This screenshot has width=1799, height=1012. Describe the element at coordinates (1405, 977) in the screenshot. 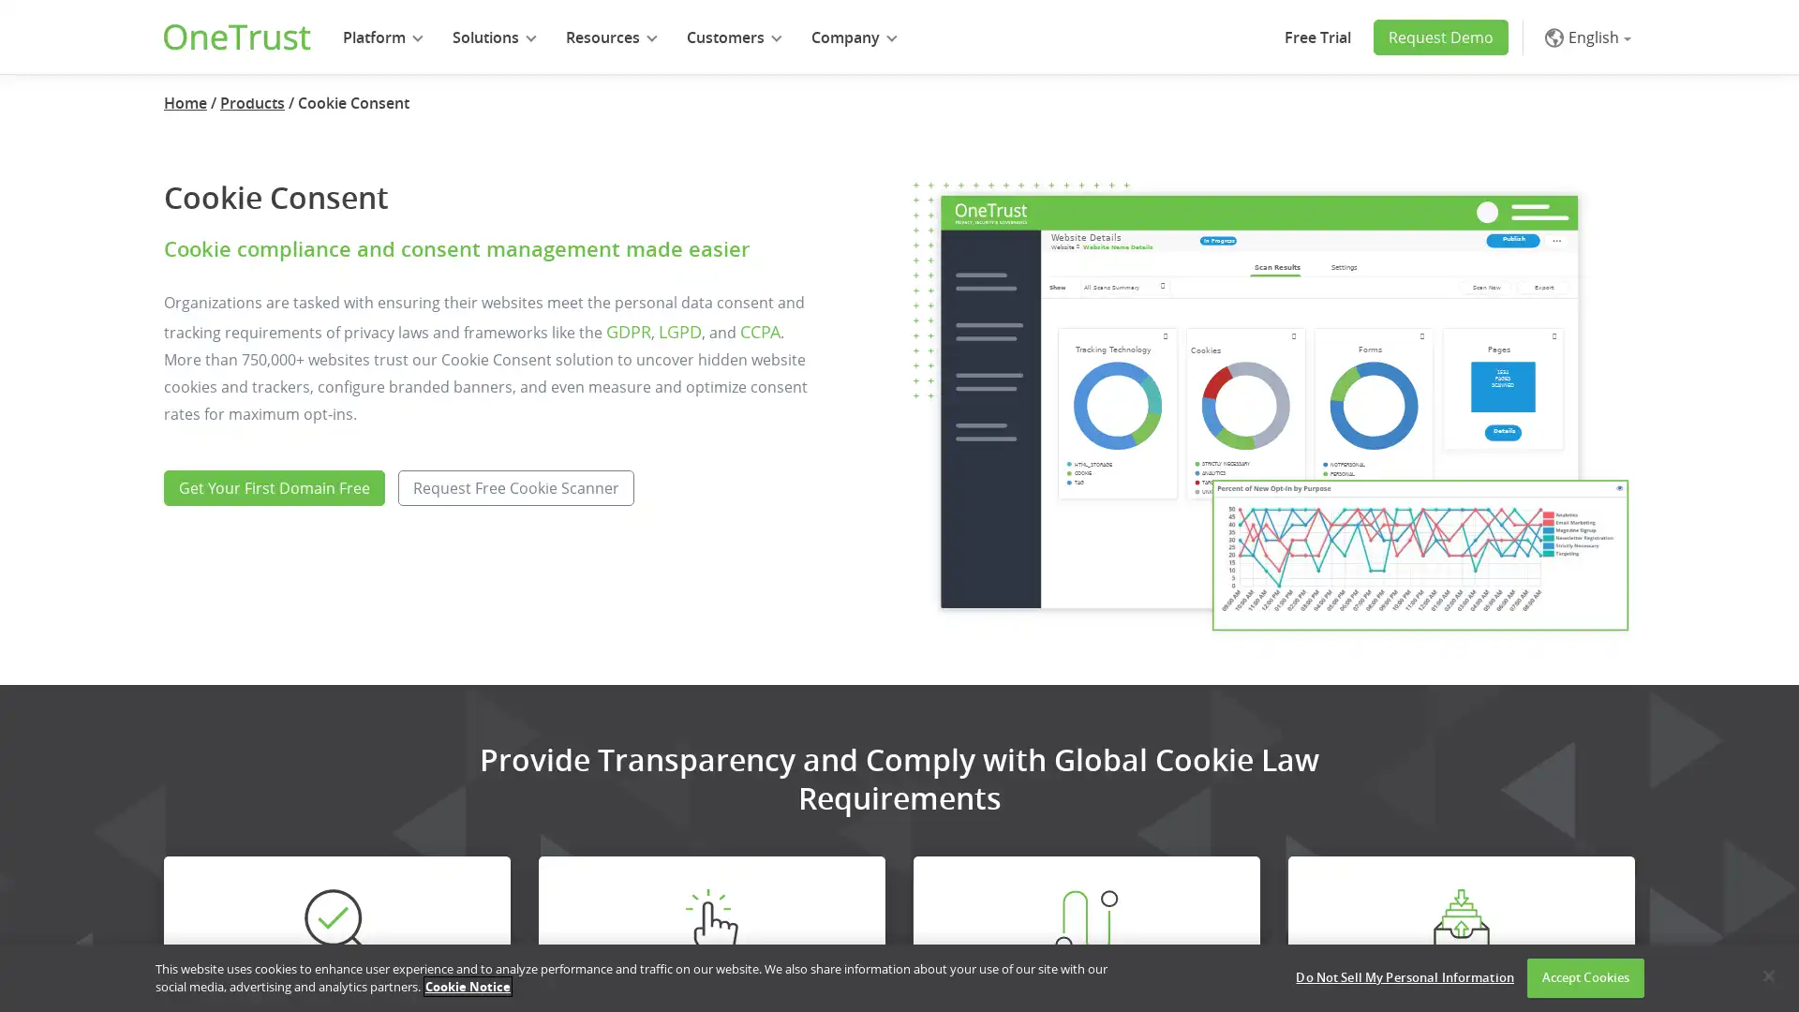

I see `Do Not Sell My Personal Information` at that location.